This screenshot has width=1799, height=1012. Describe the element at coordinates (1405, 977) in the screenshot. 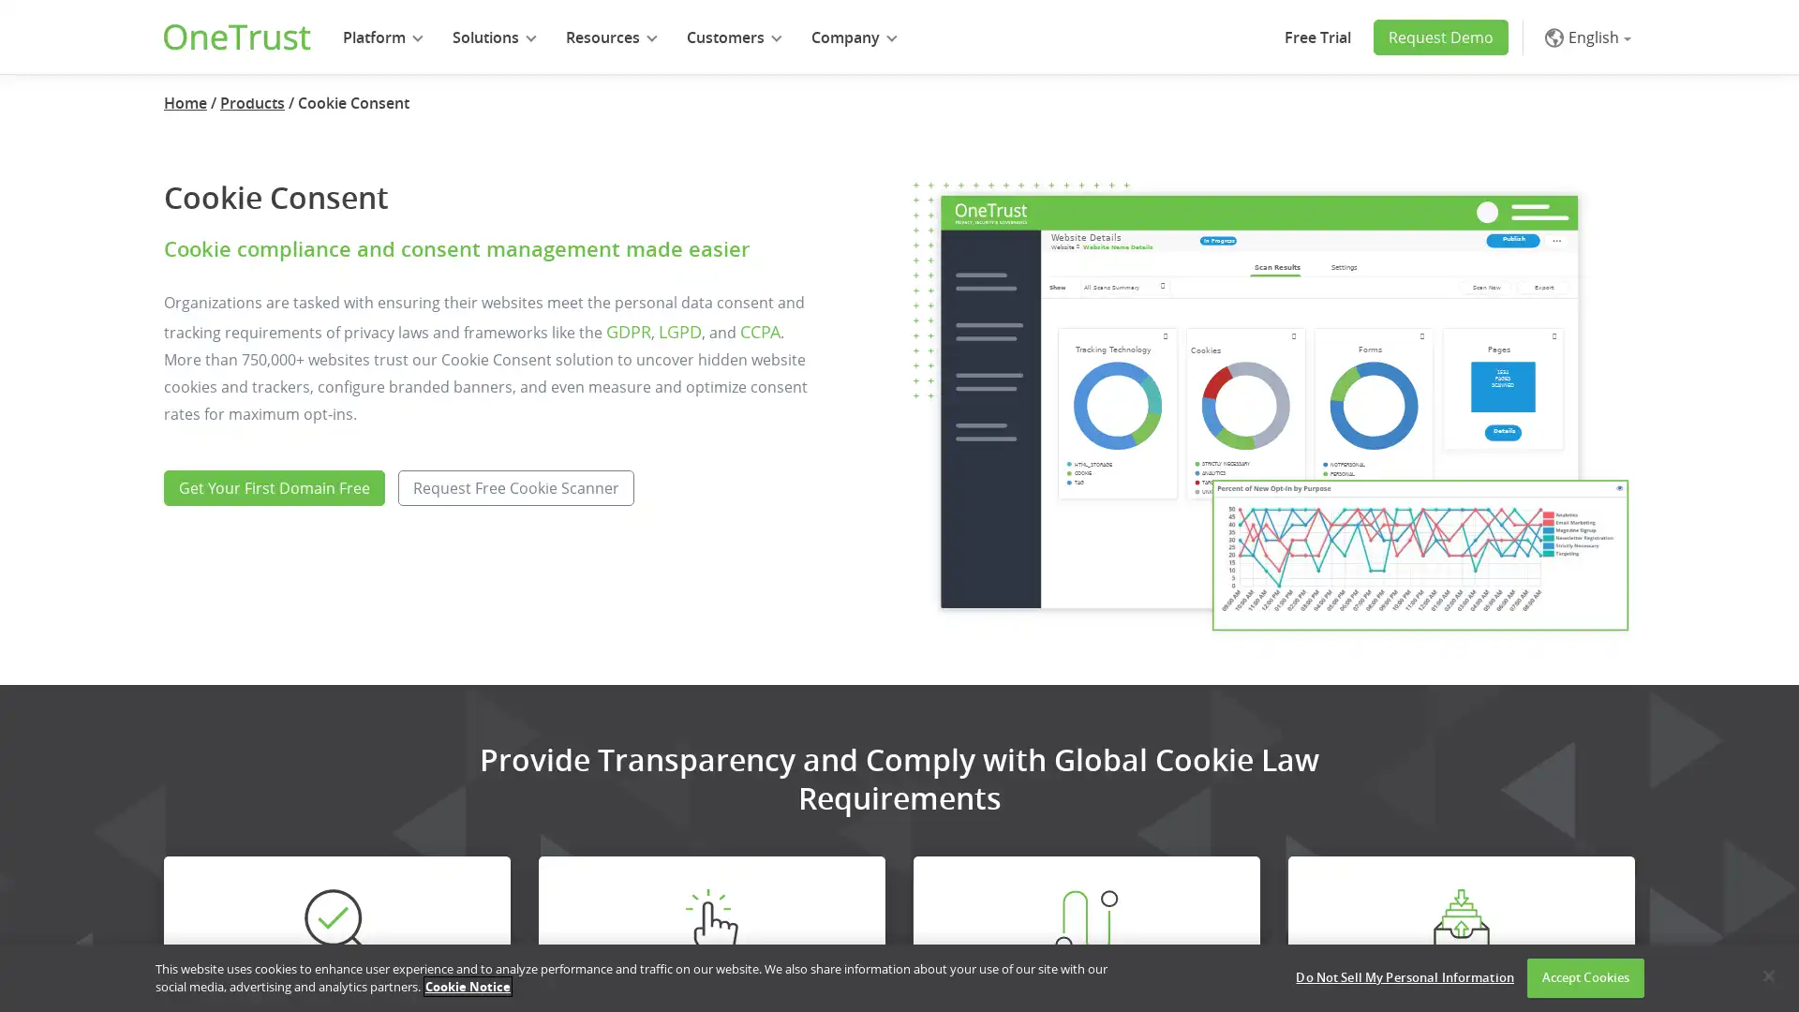

I see `Do Not Sell My Personal Information` at that location.